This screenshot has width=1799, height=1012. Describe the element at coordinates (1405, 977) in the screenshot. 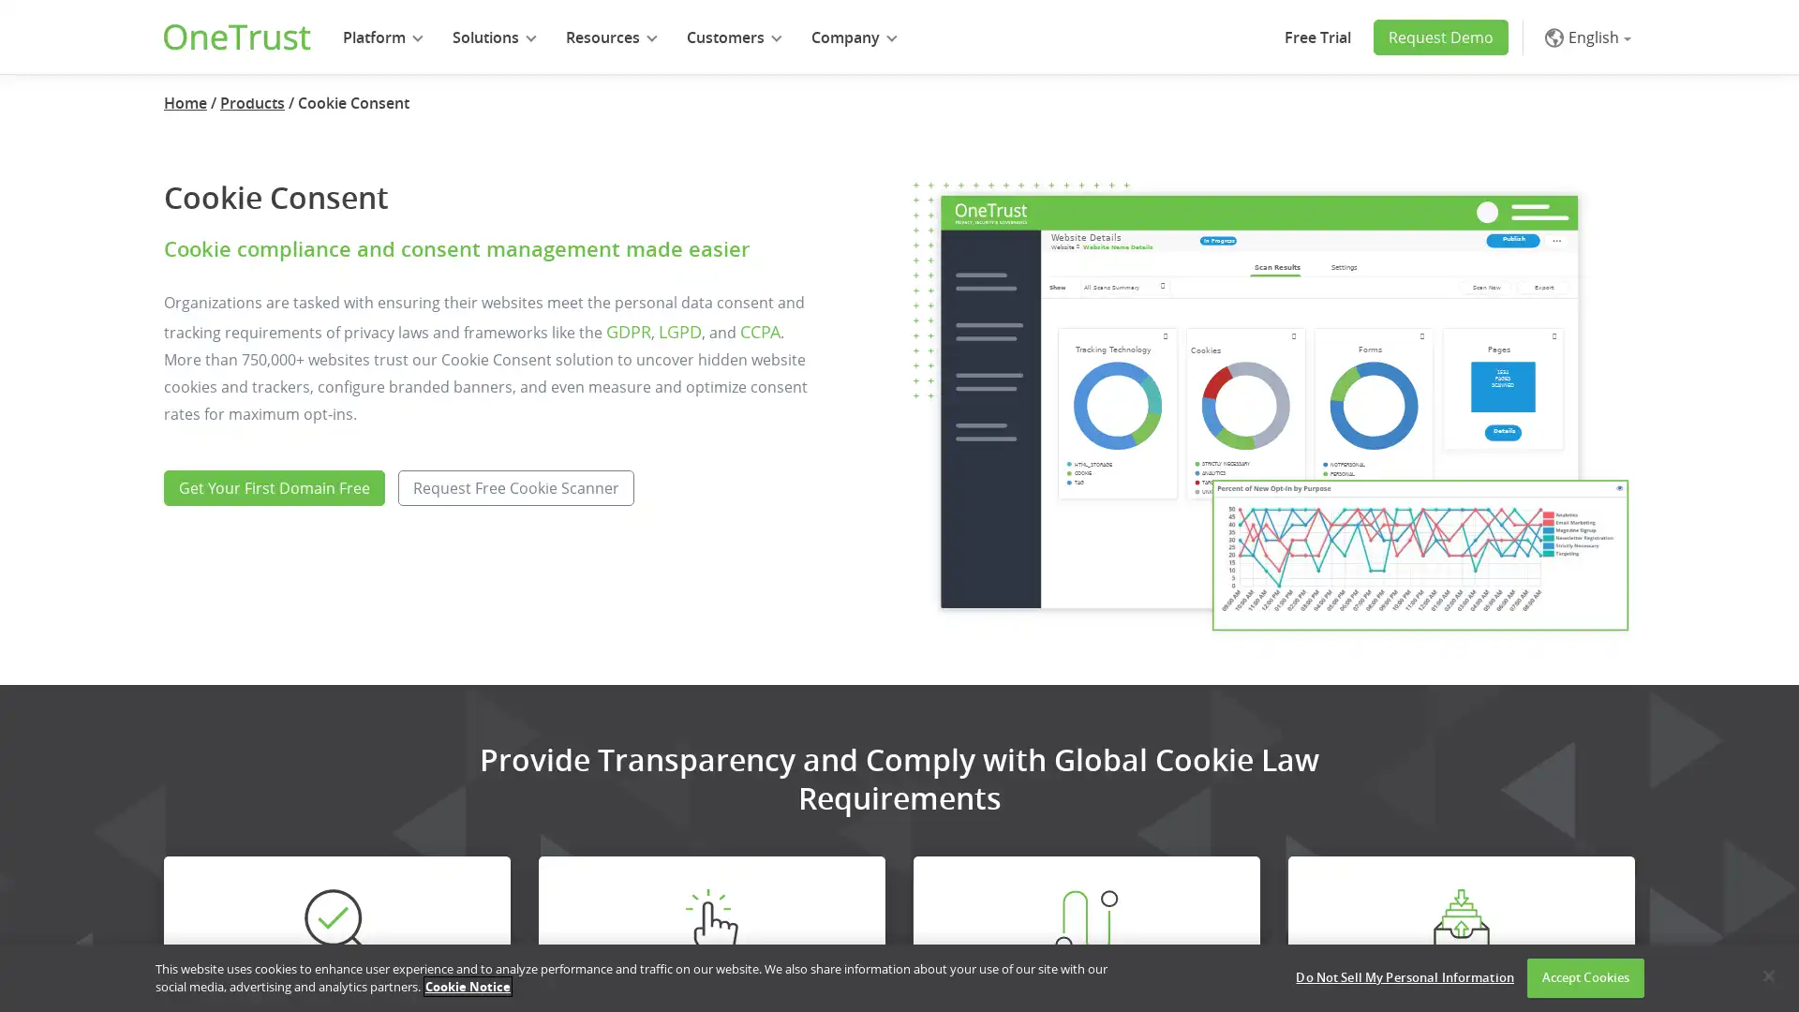

I see `Do Not Sell My Personal Information` at that location.